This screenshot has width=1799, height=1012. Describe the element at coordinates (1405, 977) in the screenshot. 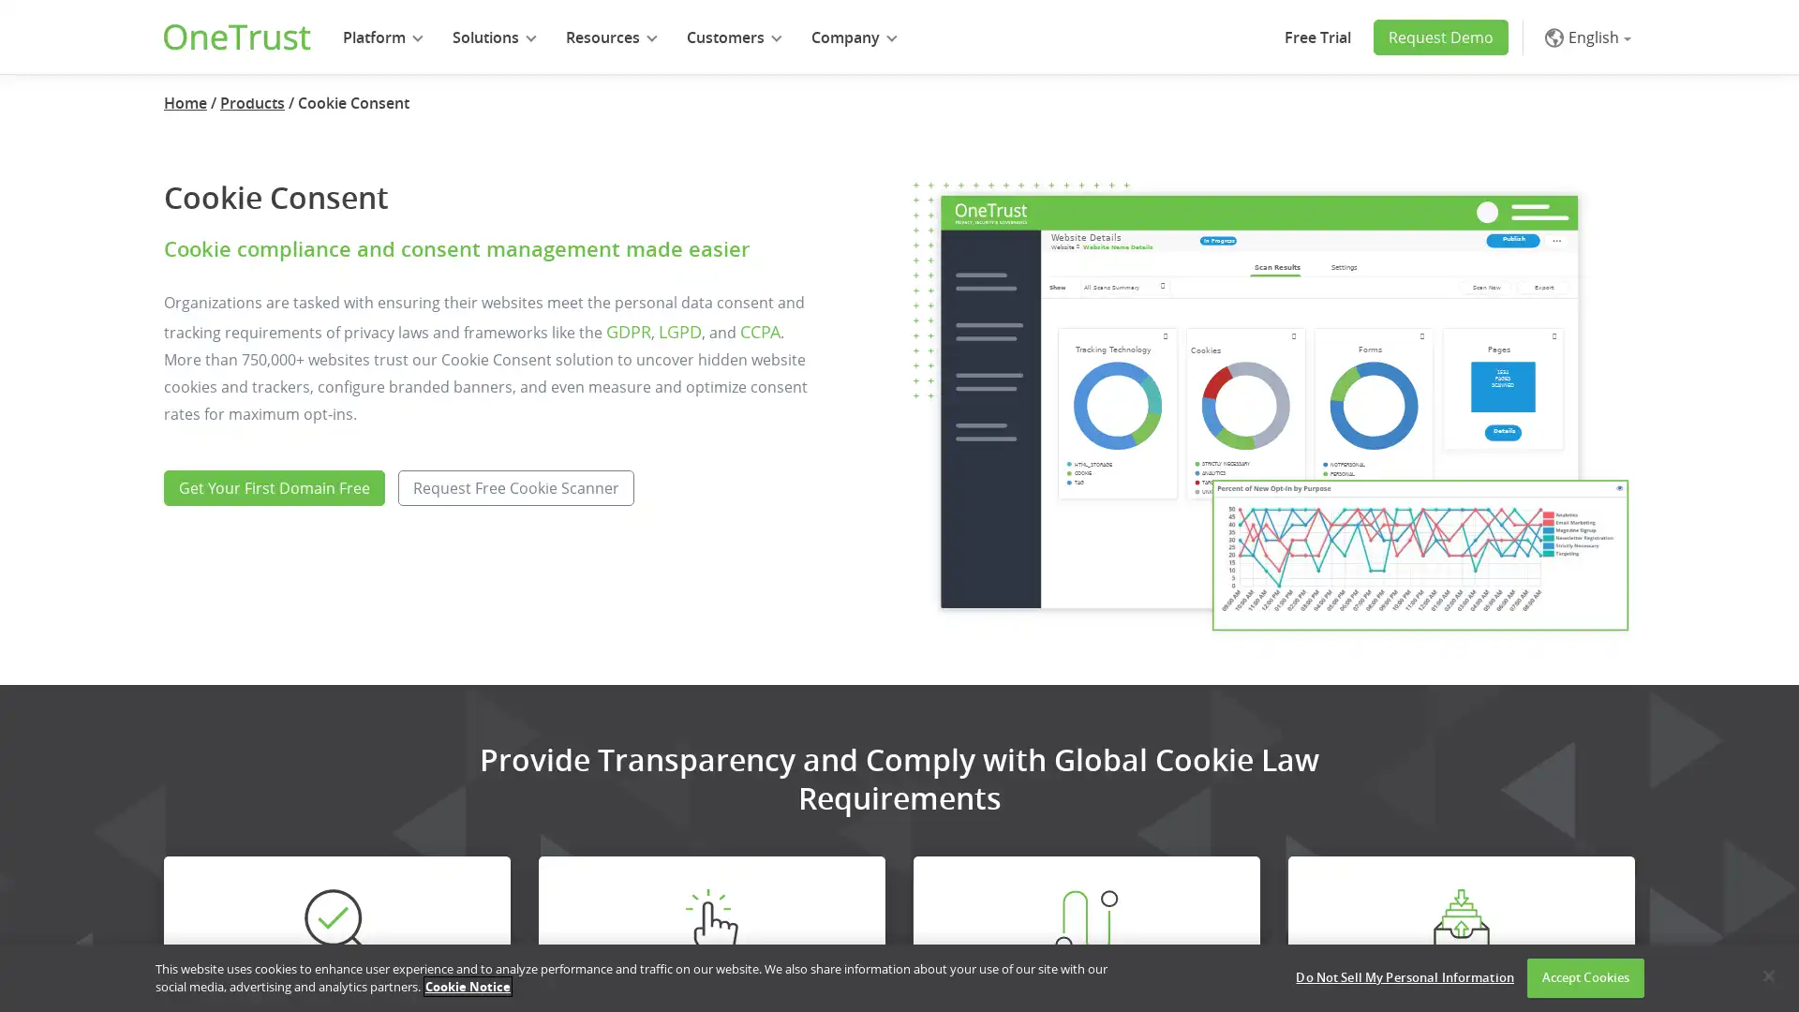

I see `Do Not Sell My Personal Information` at that location.